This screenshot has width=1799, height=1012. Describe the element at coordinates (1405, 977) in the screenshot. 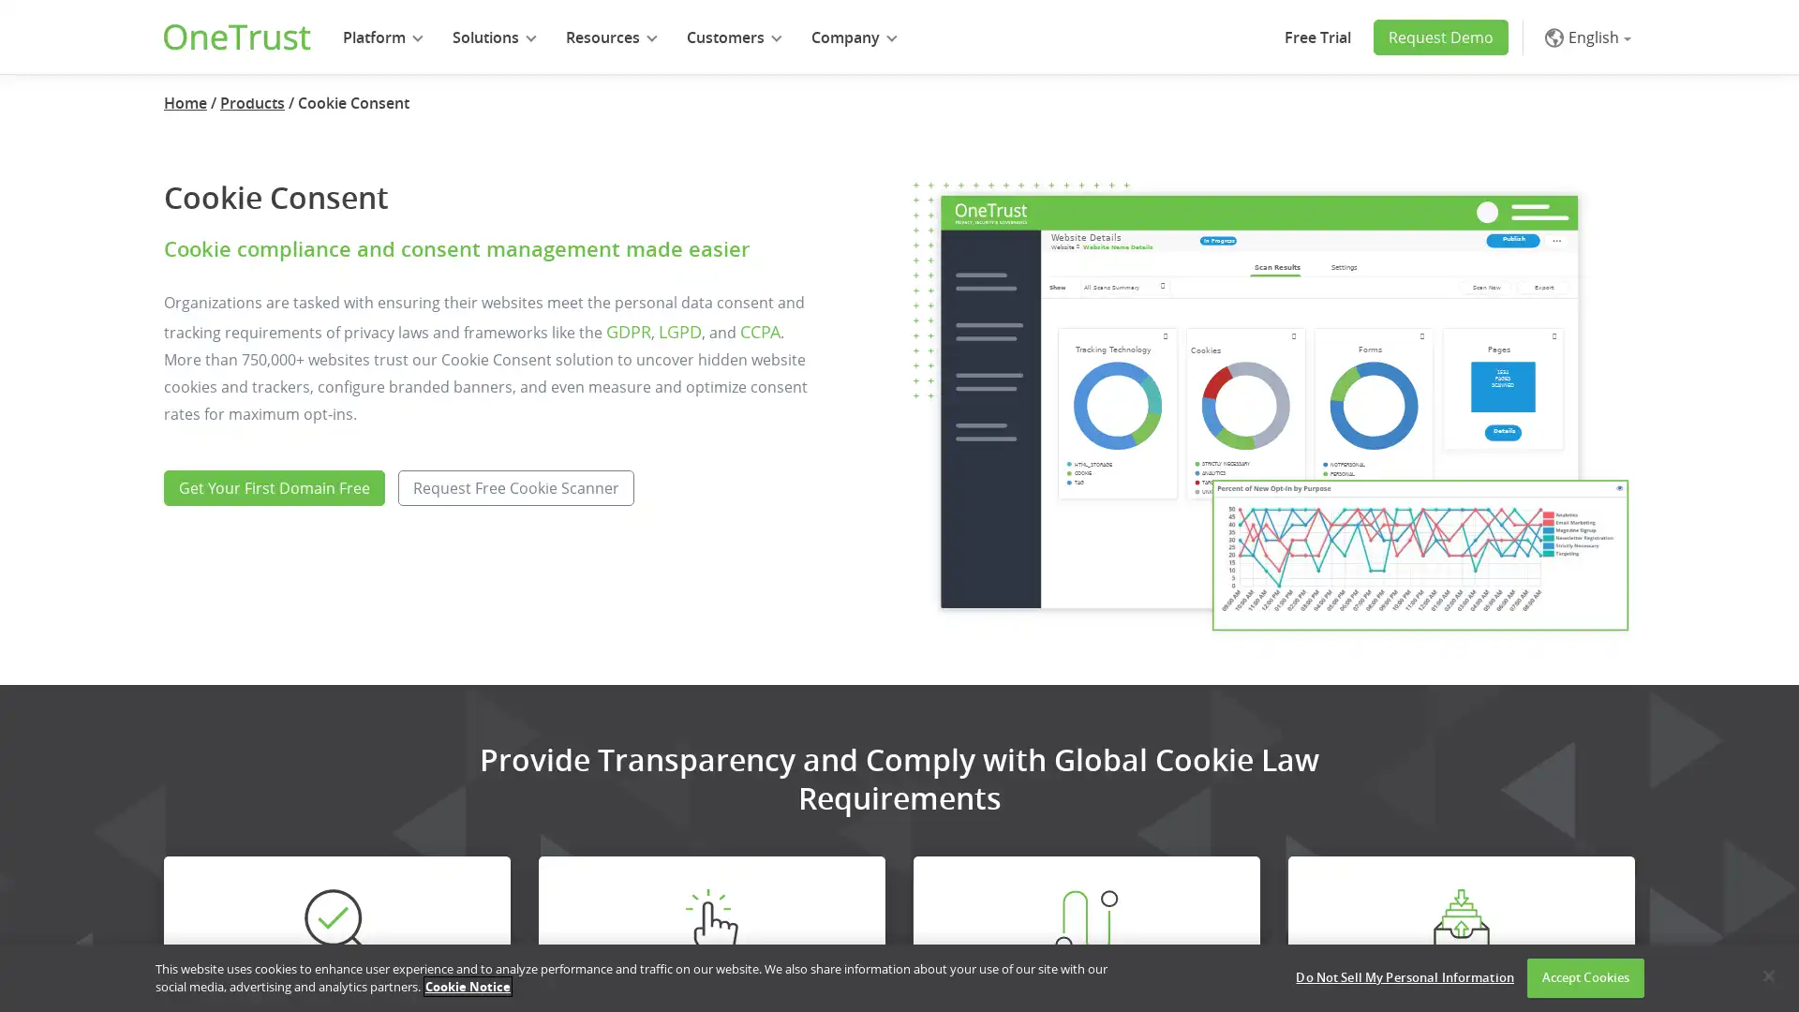

I see `Do Not Sell My Personal Information` at that location.